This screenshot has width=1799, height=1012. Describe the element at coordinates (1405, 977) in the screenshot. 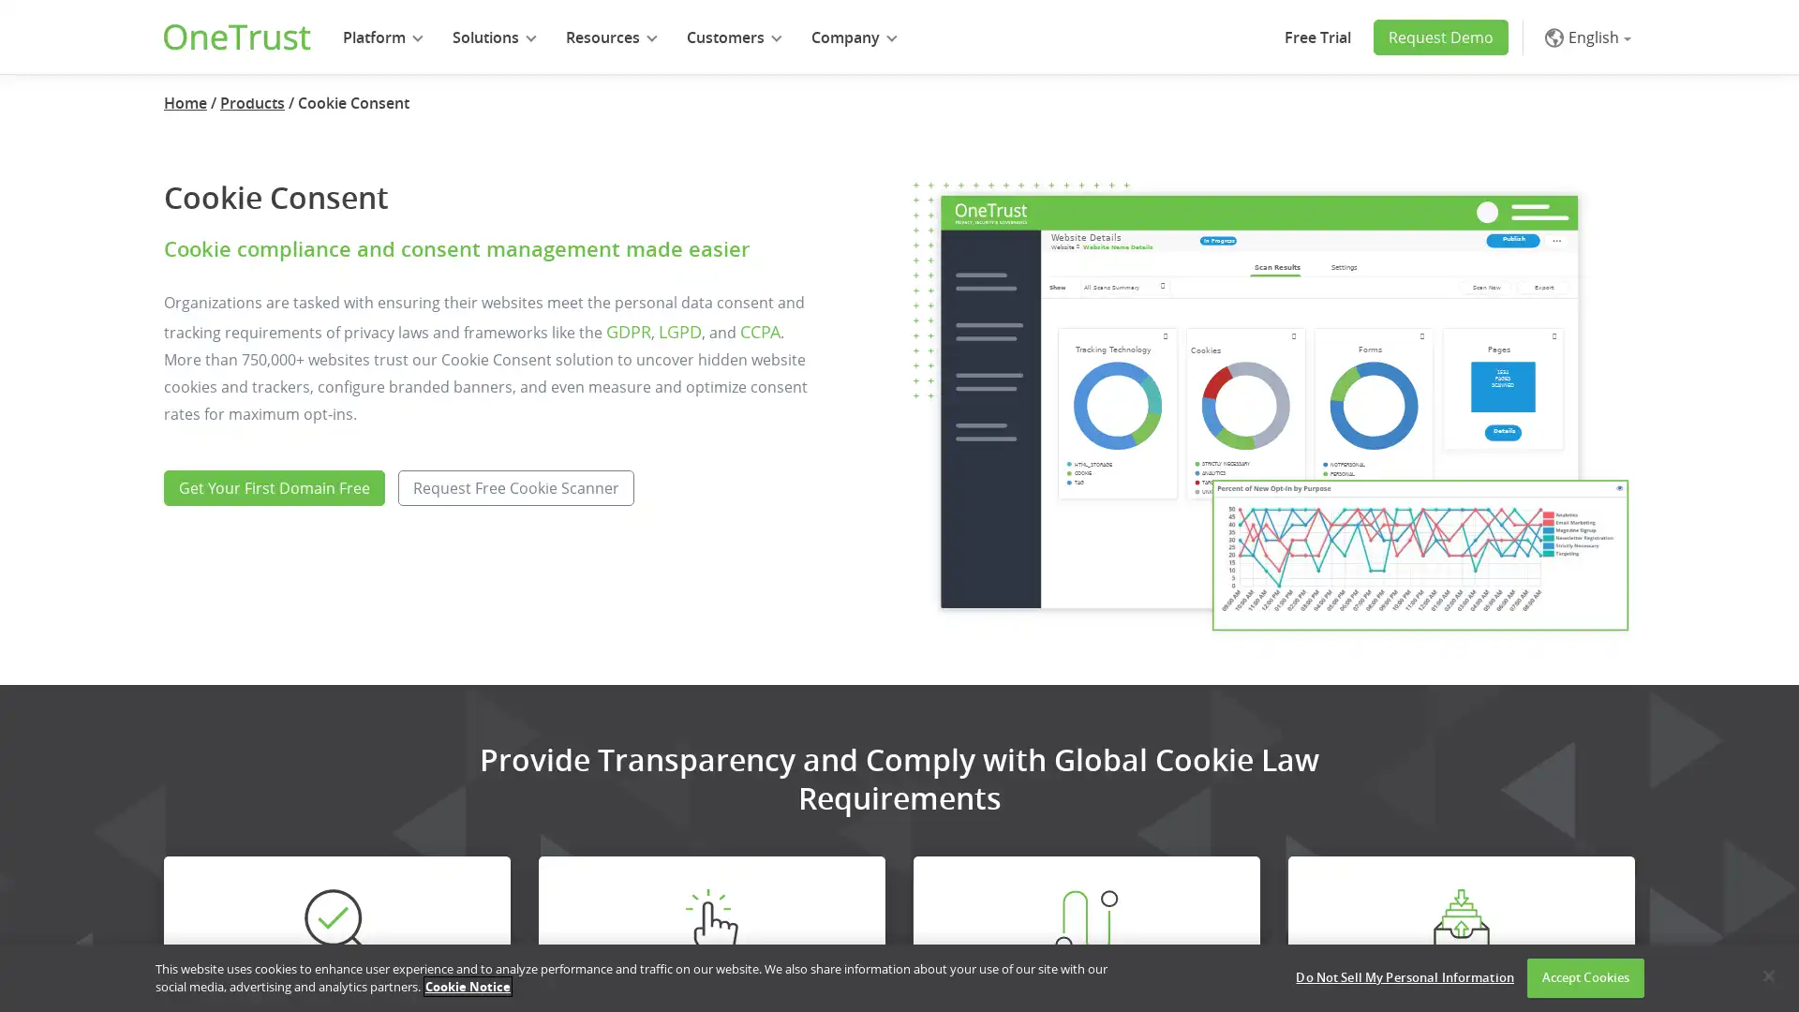

I see `Do Not Sell My Personal Information` at that location.